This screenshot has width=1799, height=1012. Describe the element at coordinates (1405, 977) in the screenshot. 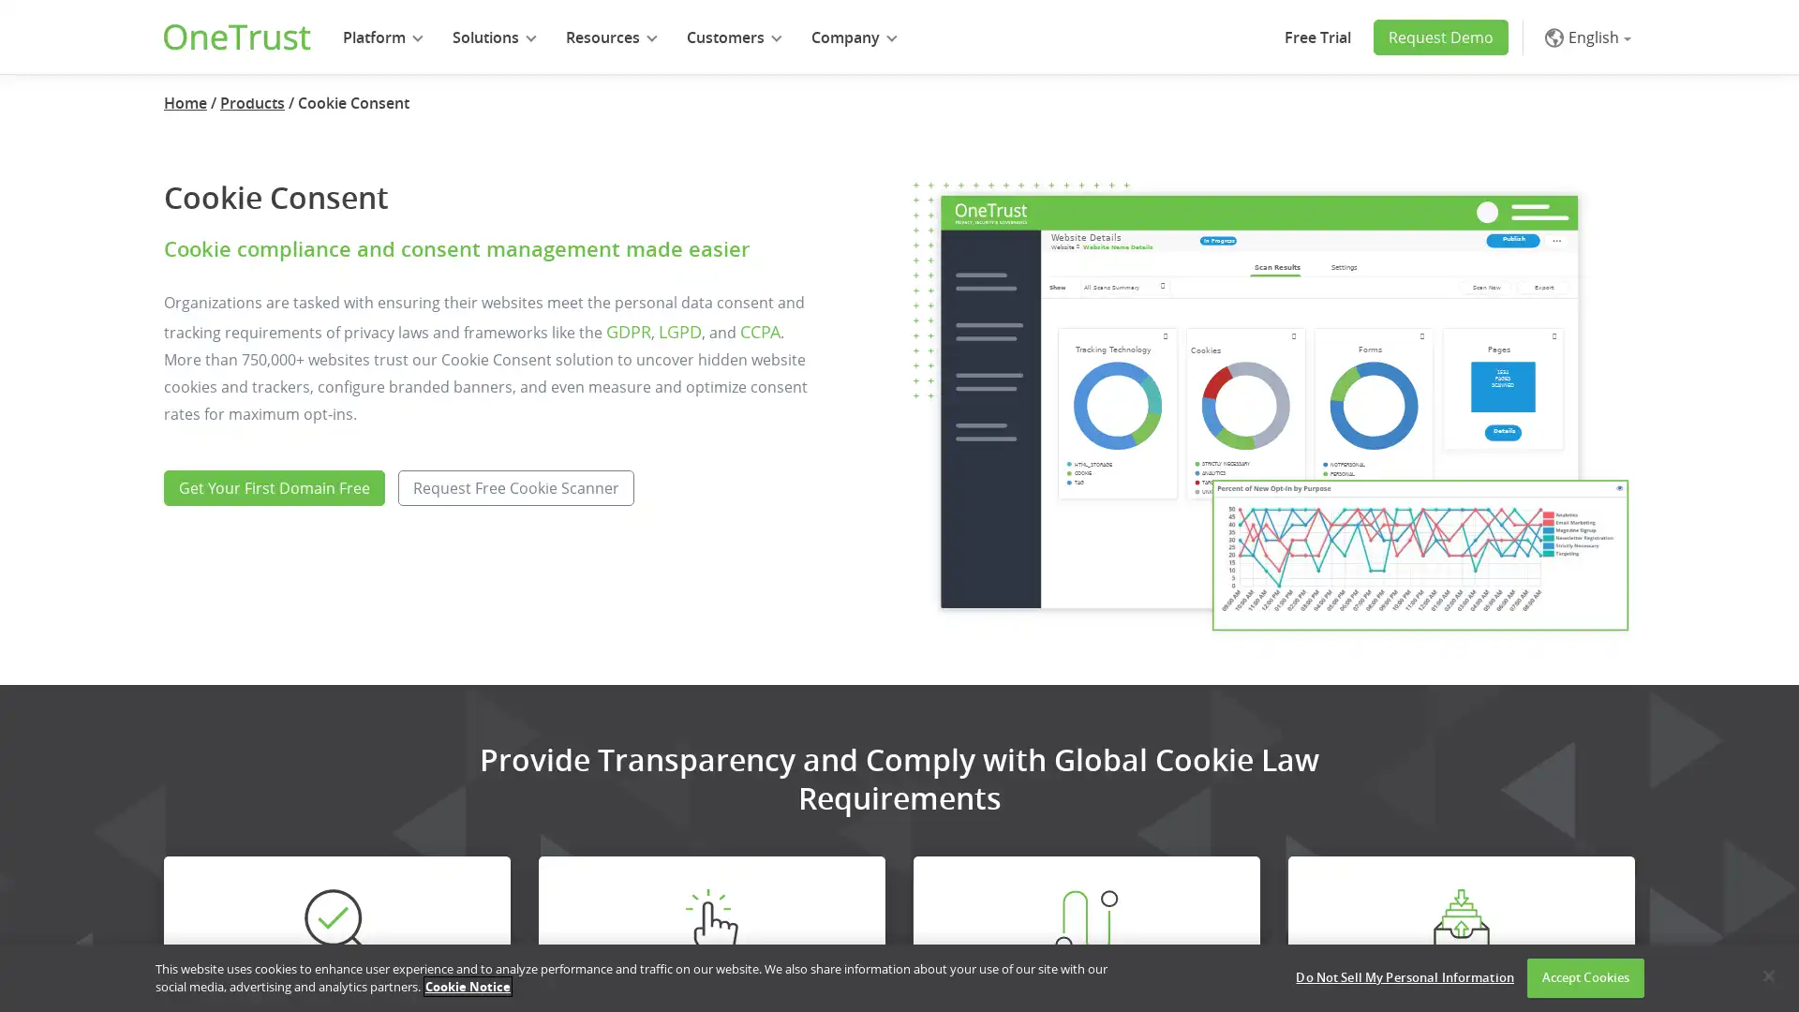

I see `Do Not Sell My Personal Information` at that location.